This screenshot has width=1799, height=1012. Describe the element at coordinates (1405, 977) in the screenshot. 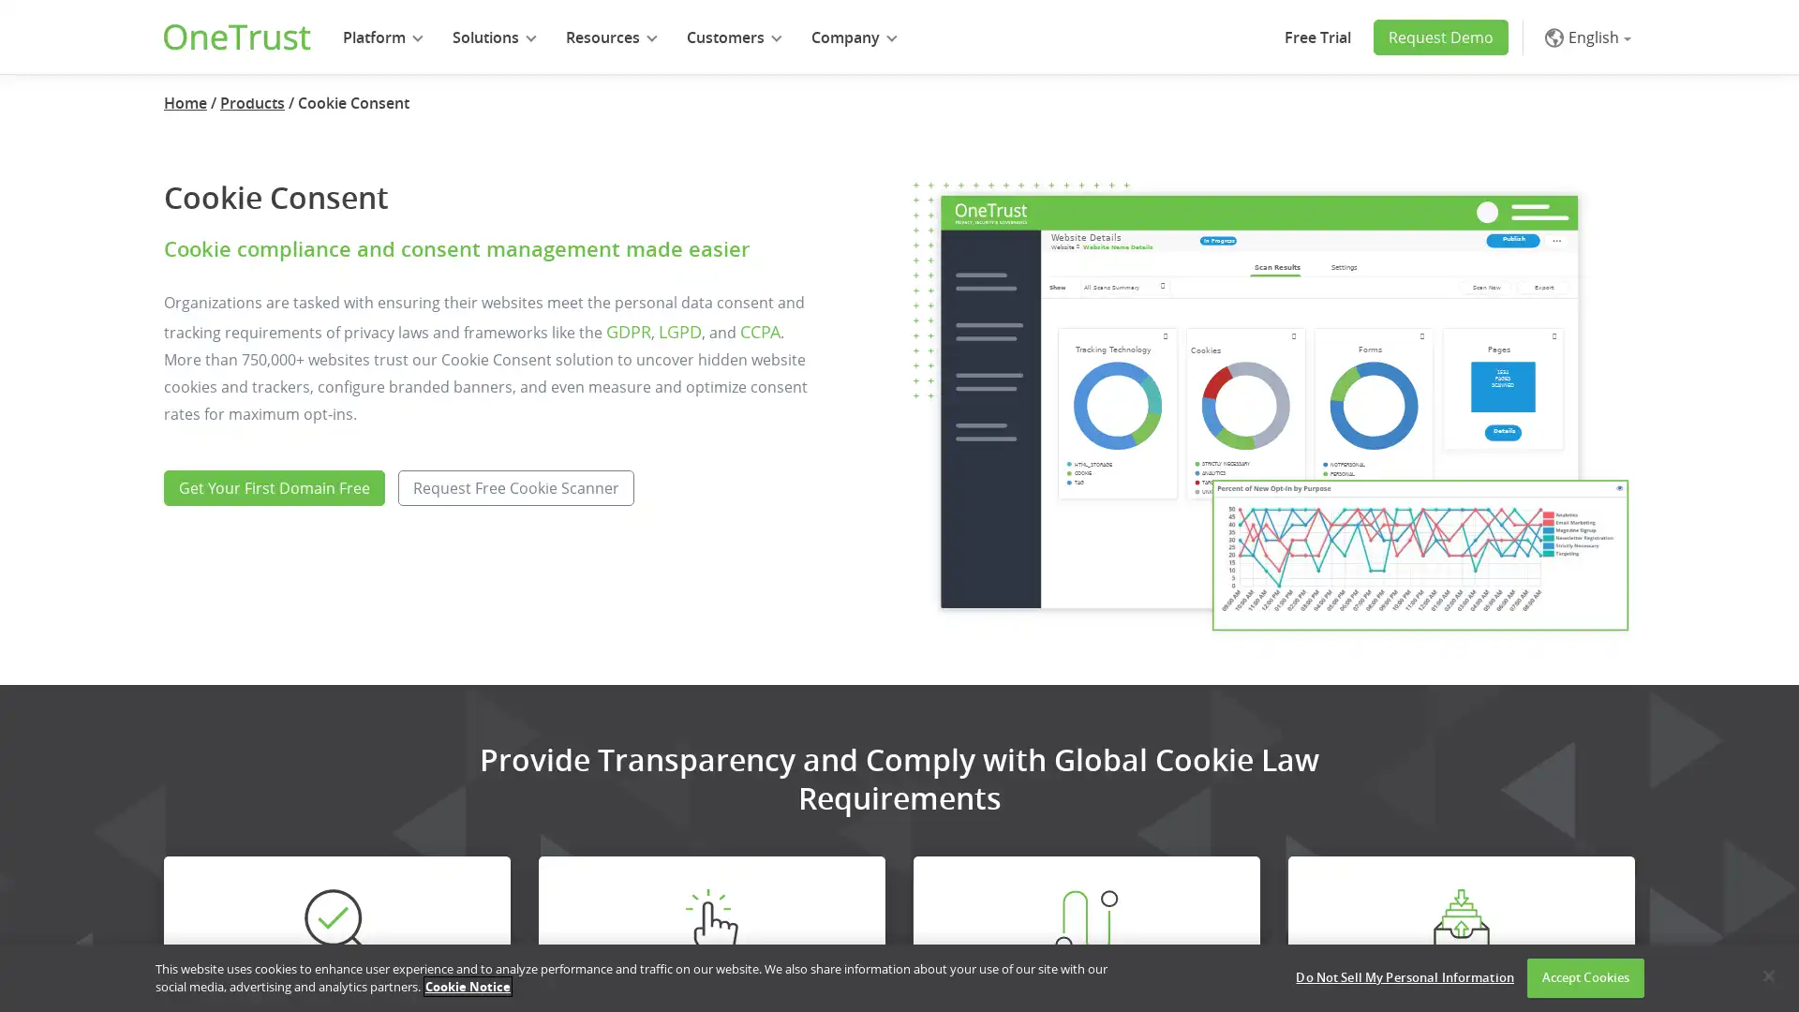

I see `Do Not Sell My Personal Information` at that location.